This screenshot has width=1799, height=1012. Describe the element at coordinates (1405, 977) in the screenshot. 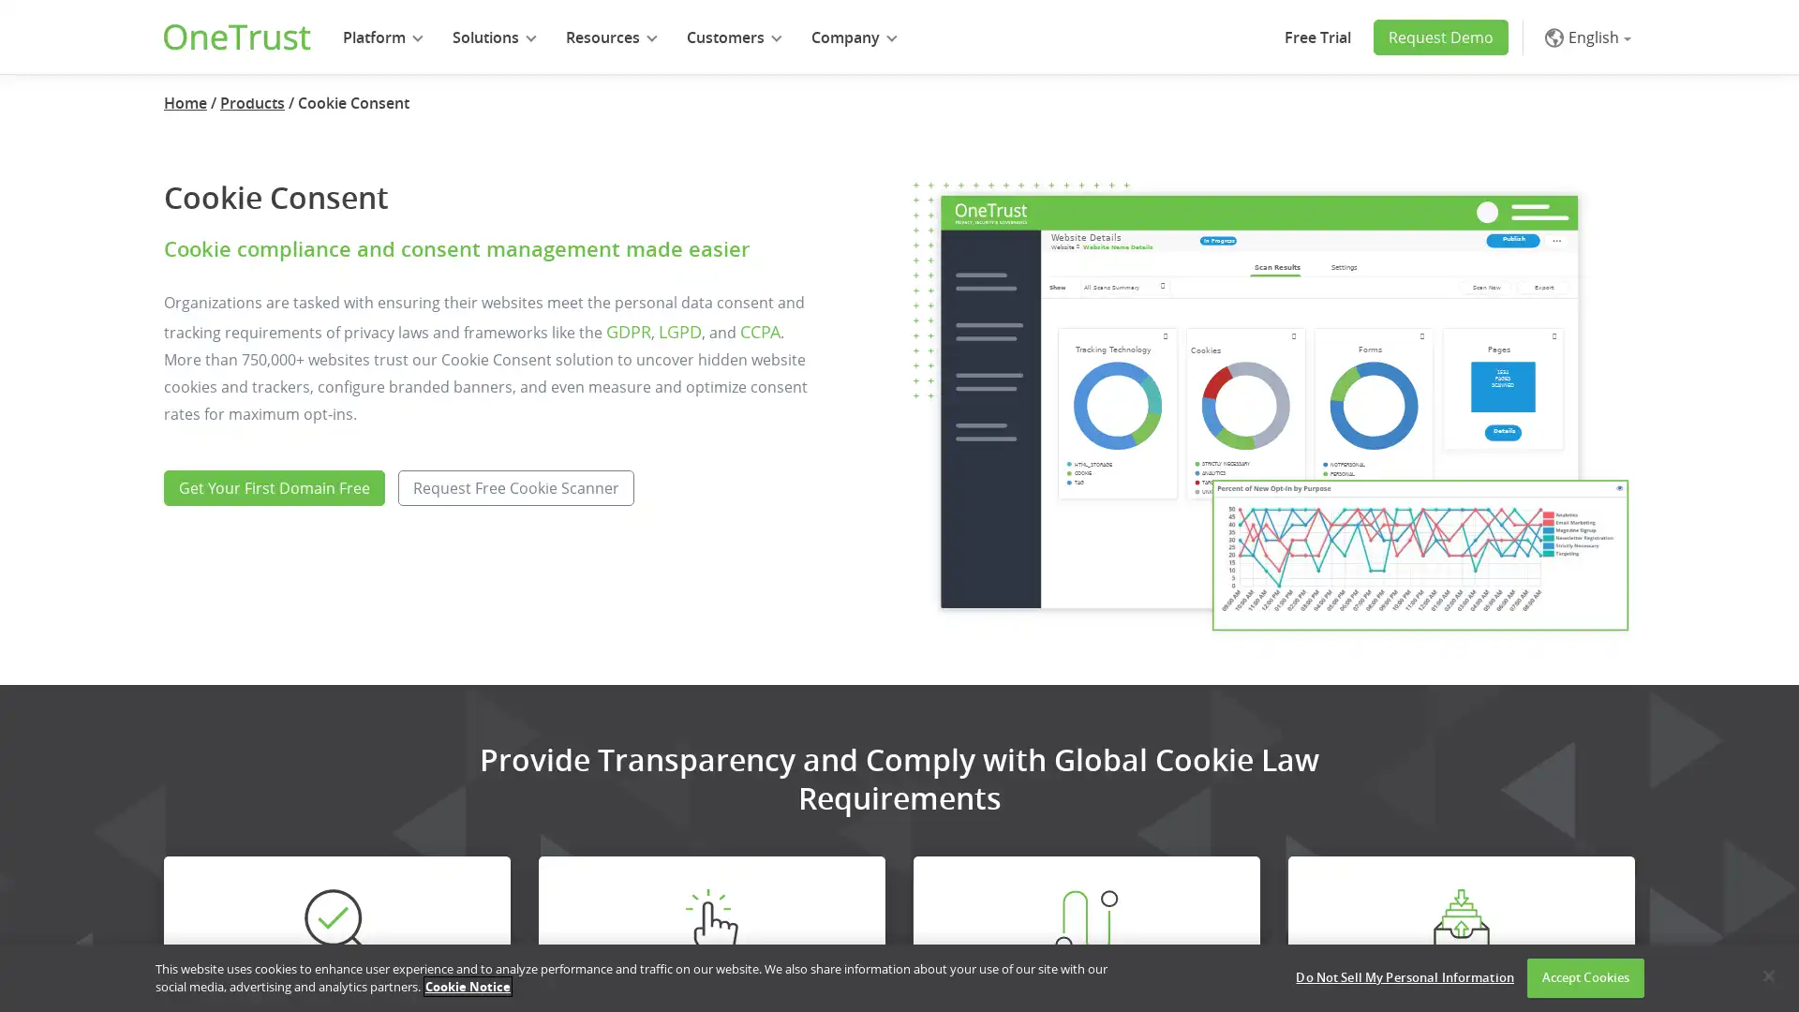

I see `Do Not Sell My Personal Information` at that location.